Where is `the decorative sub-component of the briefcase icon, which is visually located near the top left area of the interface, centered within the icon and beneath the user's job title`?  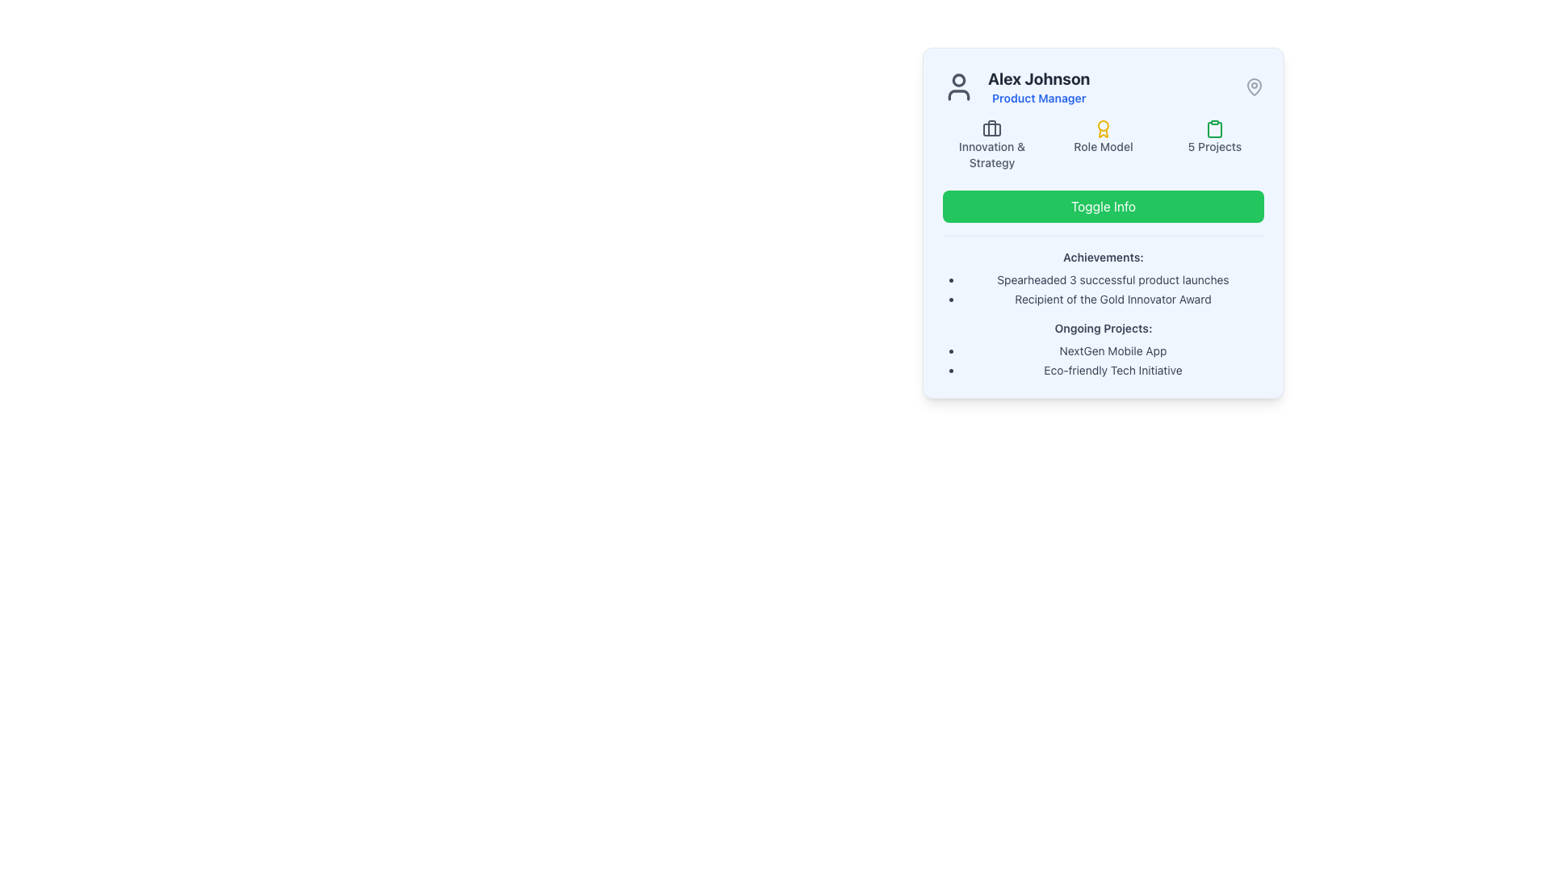
the decorative sub-component of the briefcase icon, which is visually located near the top left area of the interface, centered within the icon and beneath the user's job title is located at coordinates (991, 129).